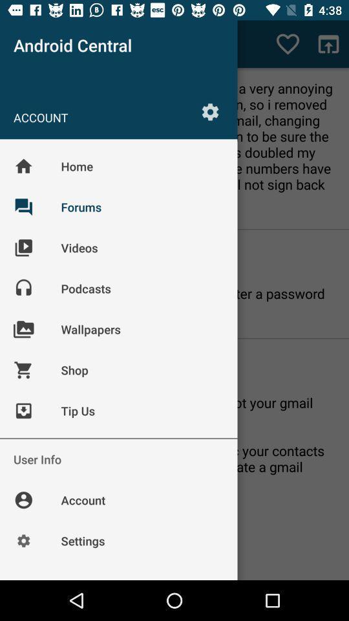 Image resolution: width=349 pixels, height=621 pixels. What do you see at coordinates (210, 111) in the screenshot?
I see `the settings icon` at bounding box center [210, 111].